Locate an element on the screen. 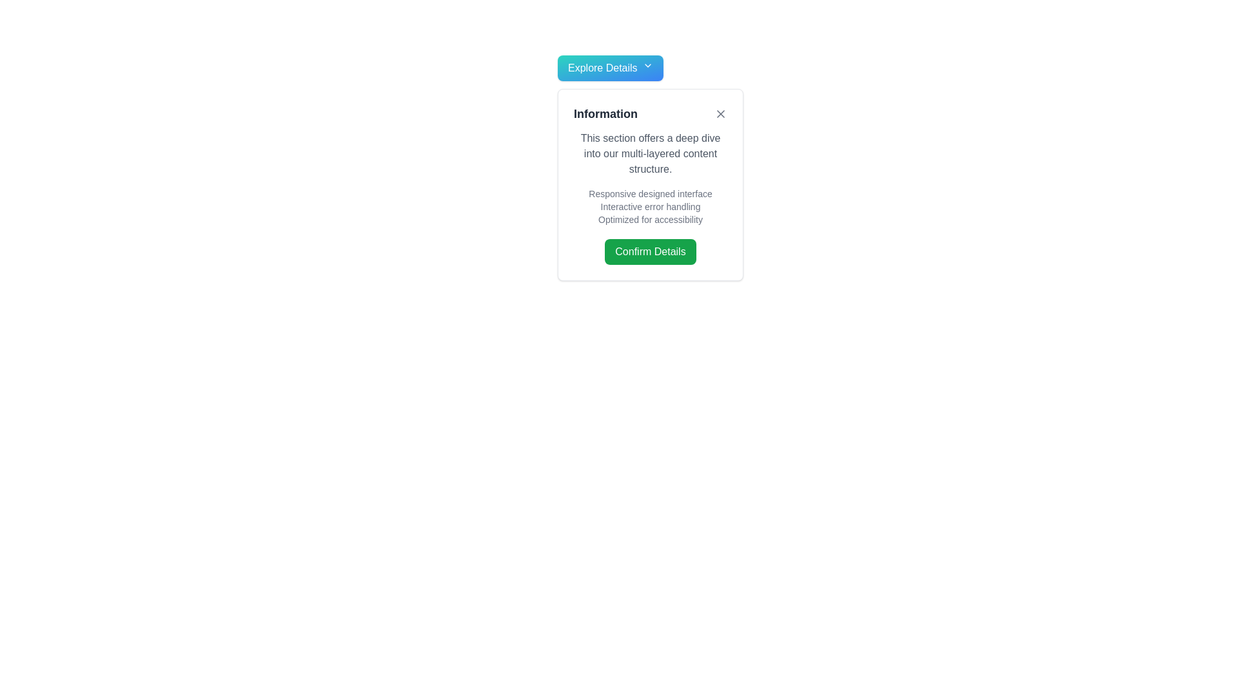  the text element that provides information about interactive error handling, which is the second item in a vertical list, located below 'Responsive designed interface' and above 'Optimized for accessibility' is located at coordinates (650, 206).